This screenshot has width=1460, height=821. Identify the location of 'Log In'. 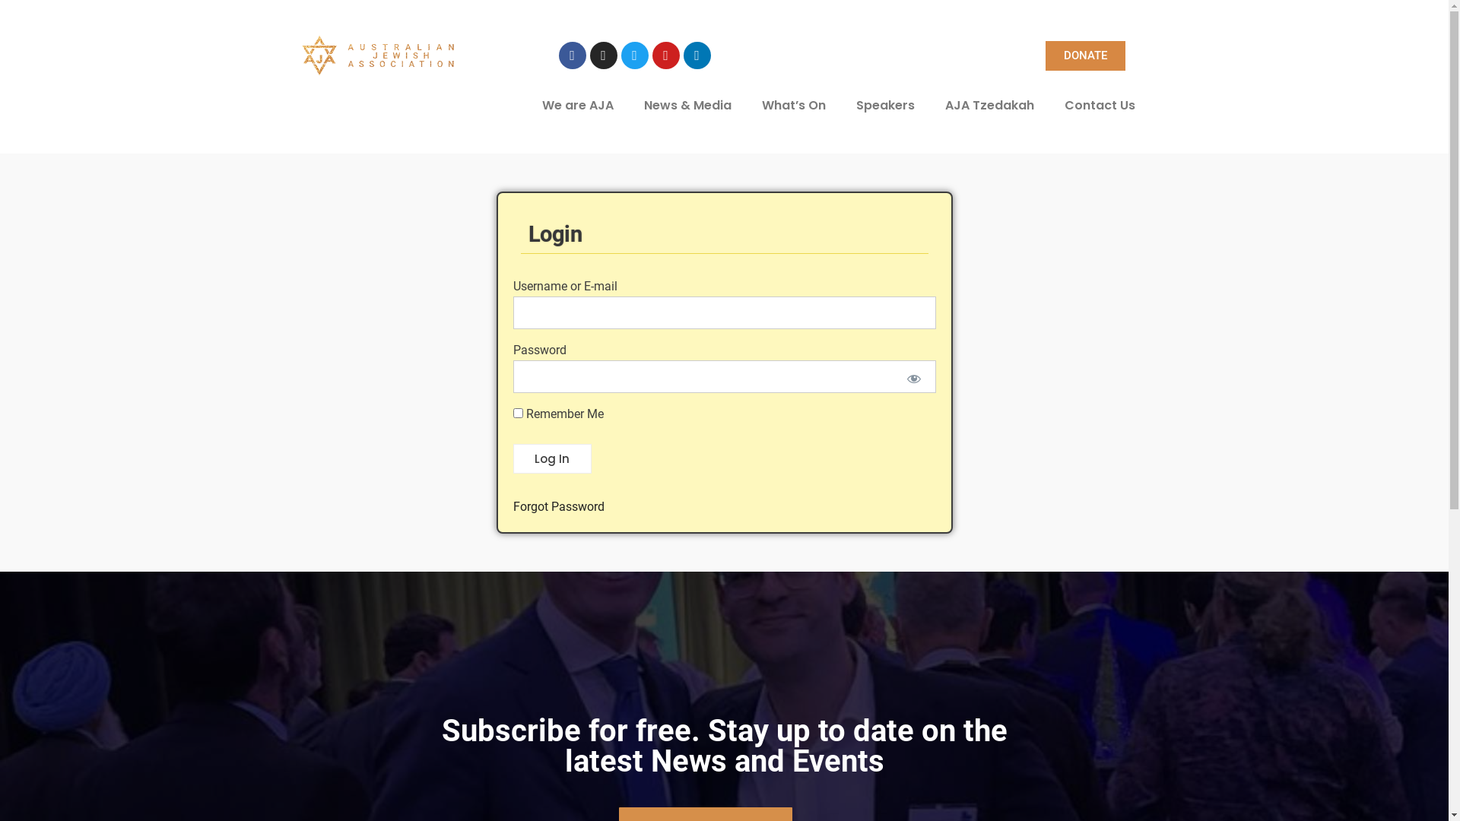
(551, 458).